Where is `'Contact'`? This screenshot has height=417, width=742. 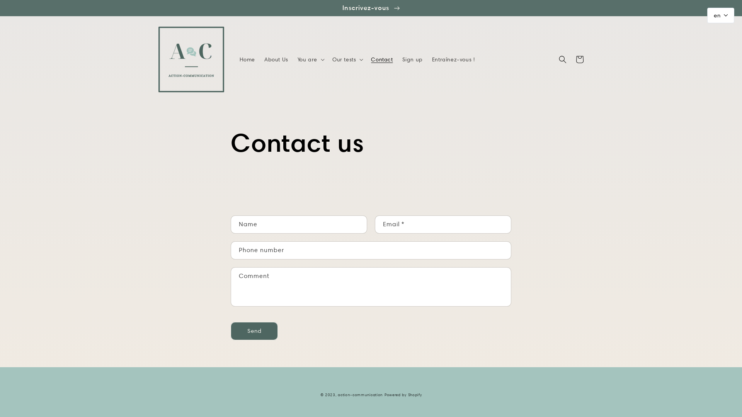
'Contact' is located at coordinates (366, 59).